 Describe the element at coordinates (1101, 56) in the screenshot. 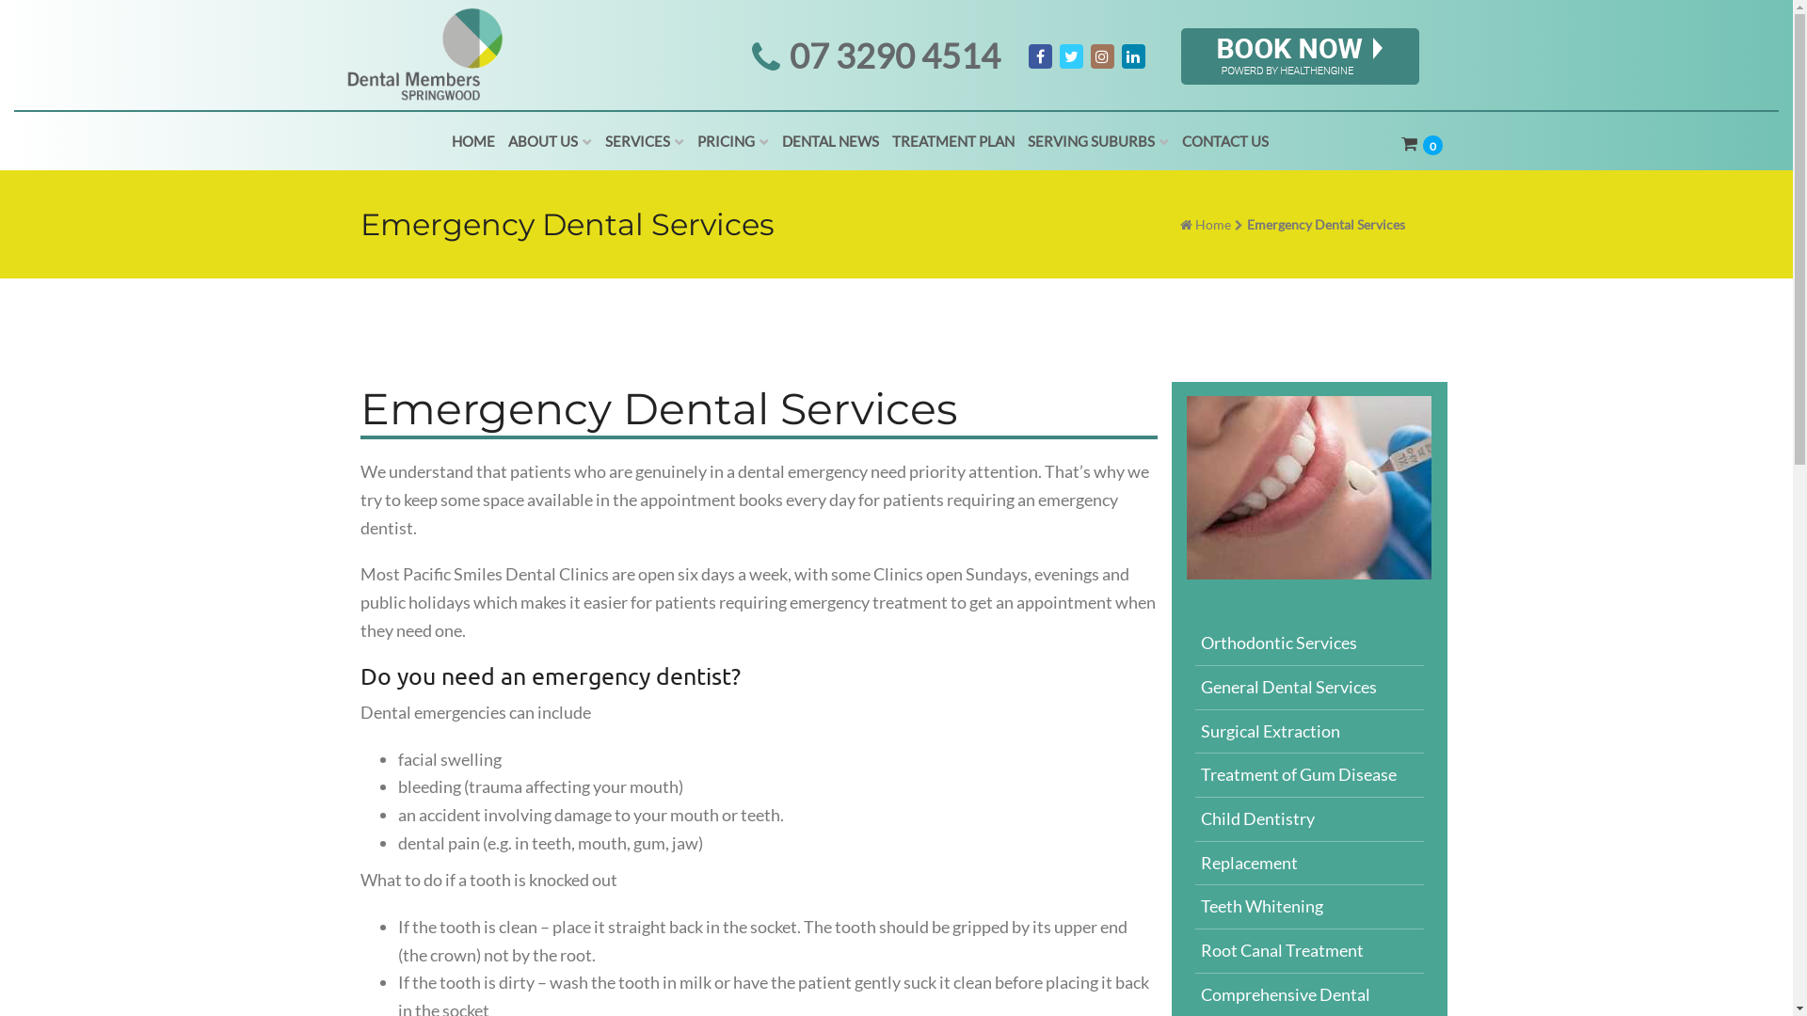

I see `'Instragram'` at that location.